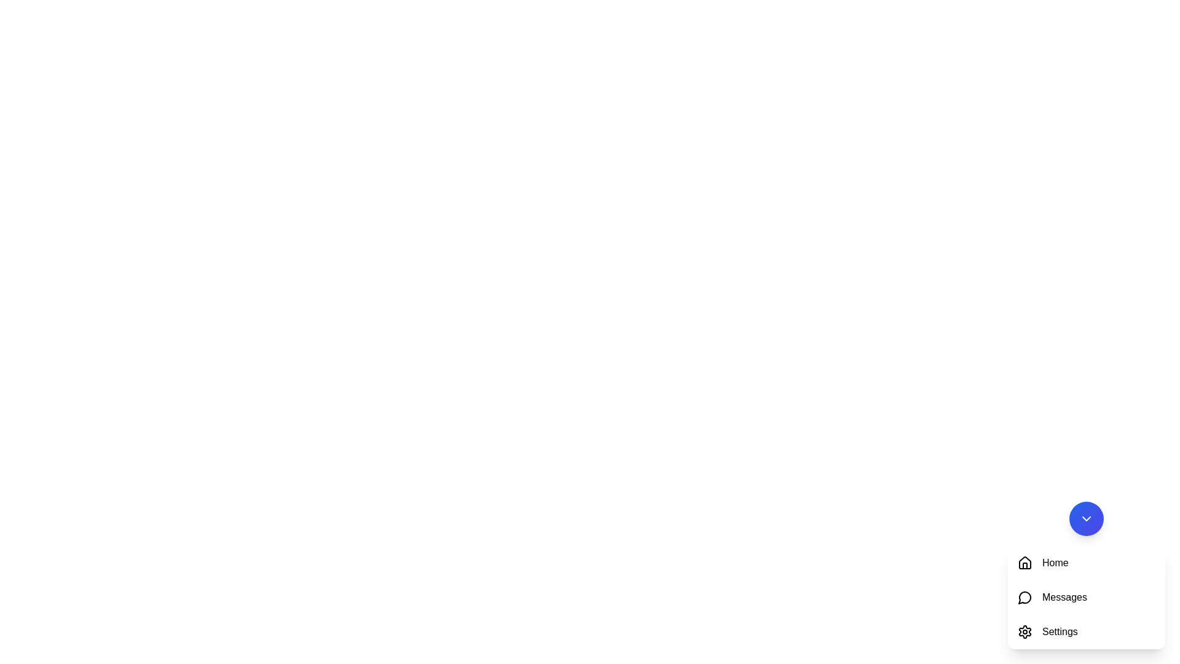  I want to click on the 'Home' navigation button, which is the first option in a vertically stacked panel containing 'Home', 'Messages', and 'Settings', so click(1086, 563).